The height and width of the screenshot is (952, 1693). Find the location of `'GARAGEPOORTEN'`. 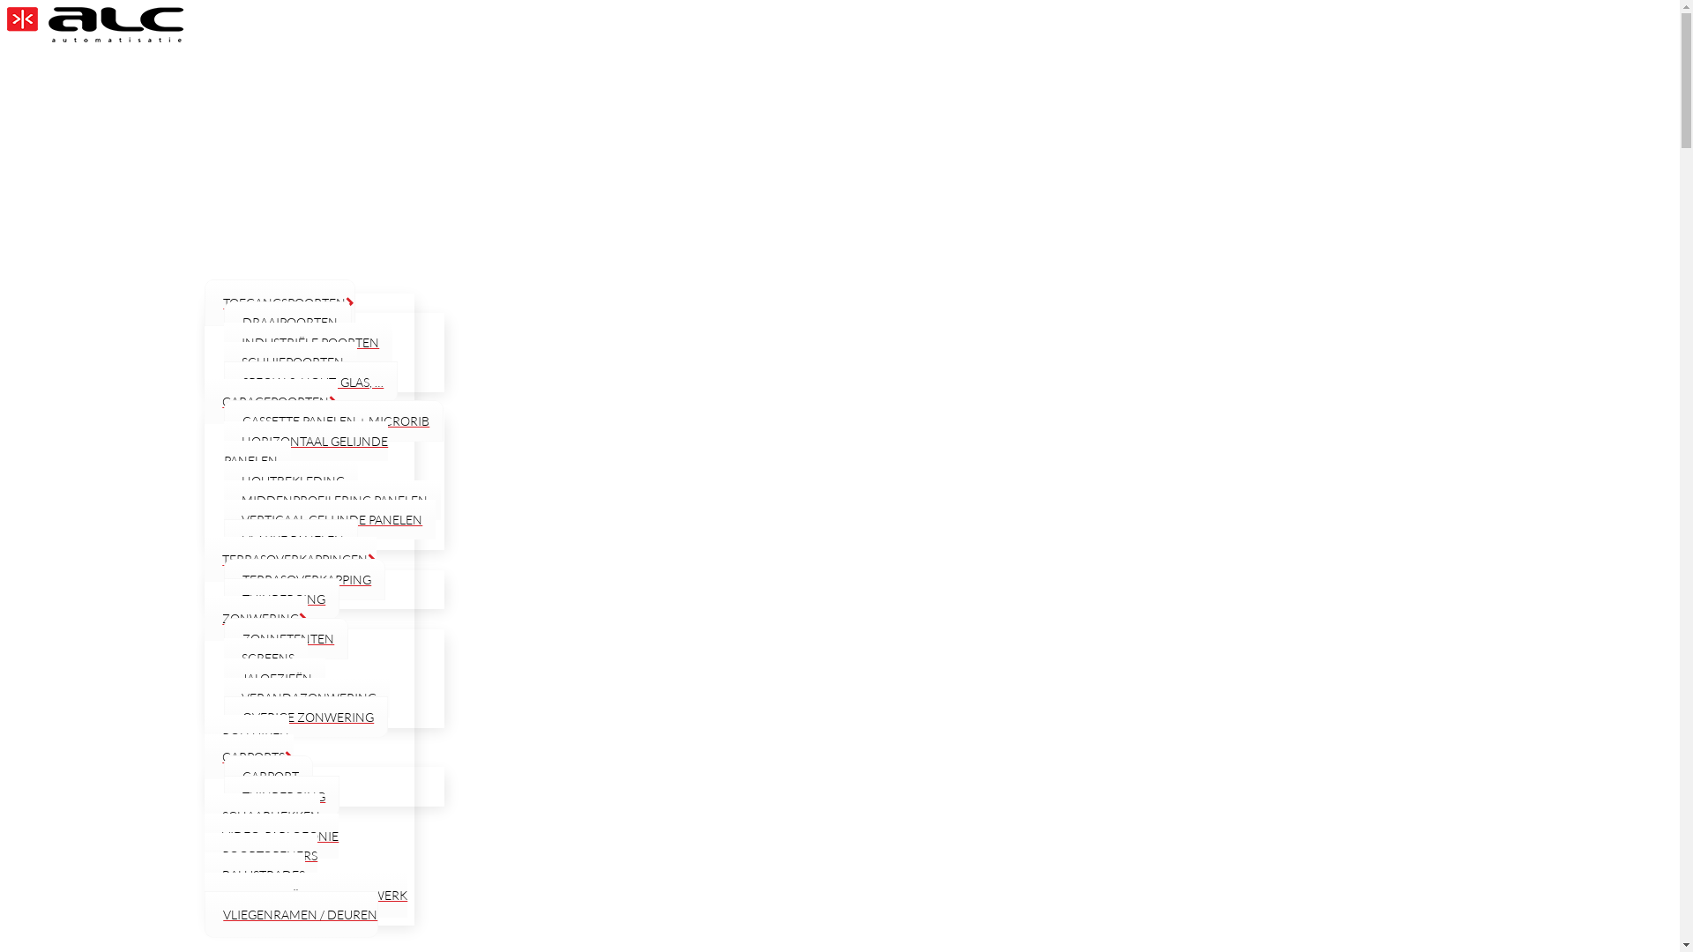

'GARAGEPOORTEN' is located at coordinates (270, 401).